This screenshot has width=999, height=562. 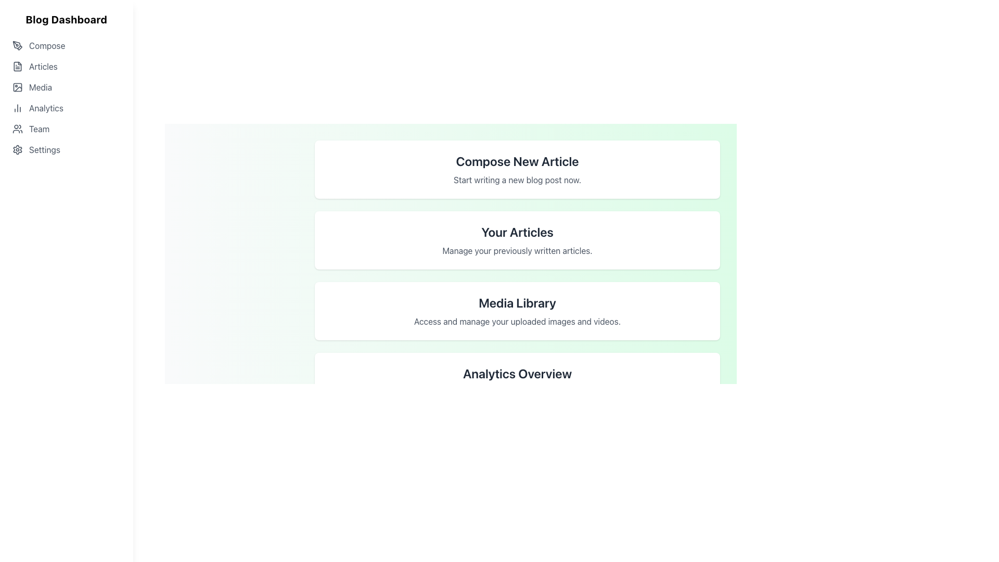 I want to click on the static text description reading 'Access and manage your uploaded images and videos.' located beneath the heading 'Media Library', so click(x=517, y=321).